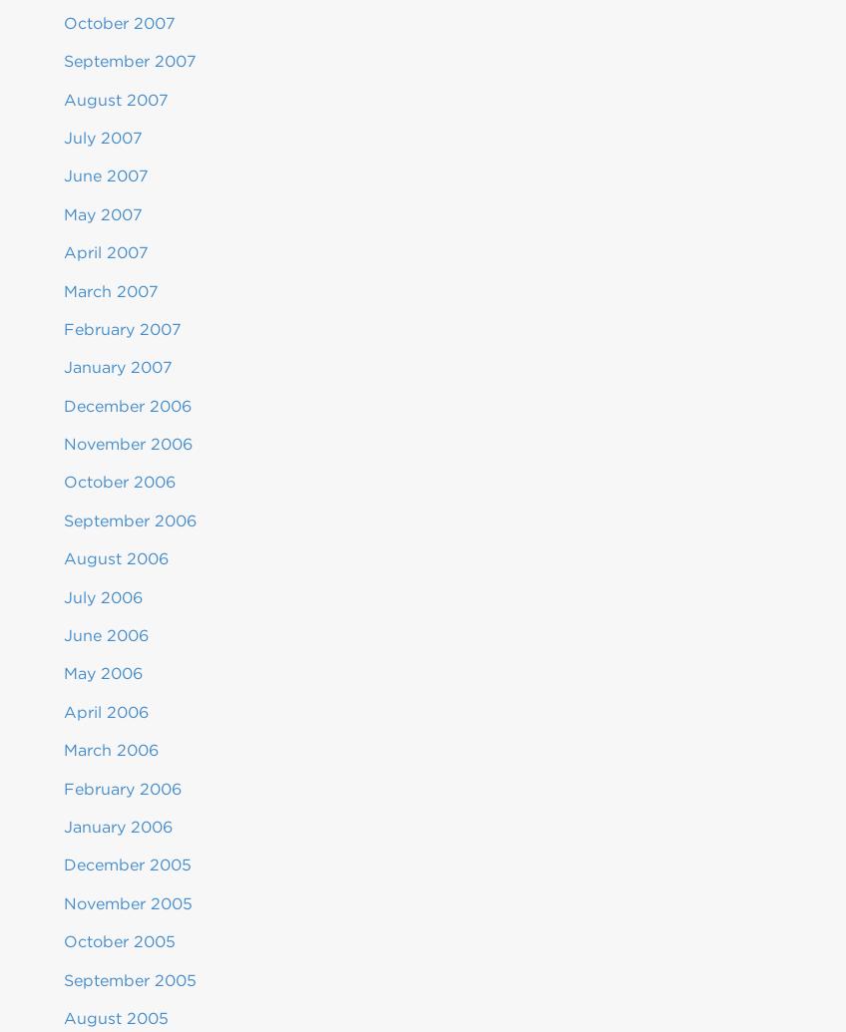 Image resolution: width=846 pixels, height=1032 pixels. I want to click on 'May 2006', so click(103, 672).